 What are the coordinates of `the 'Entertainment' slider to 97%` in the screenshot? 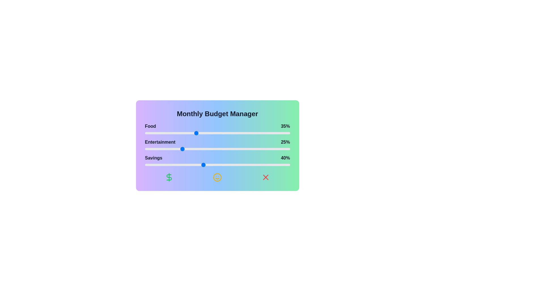 It's located at (286, 148).